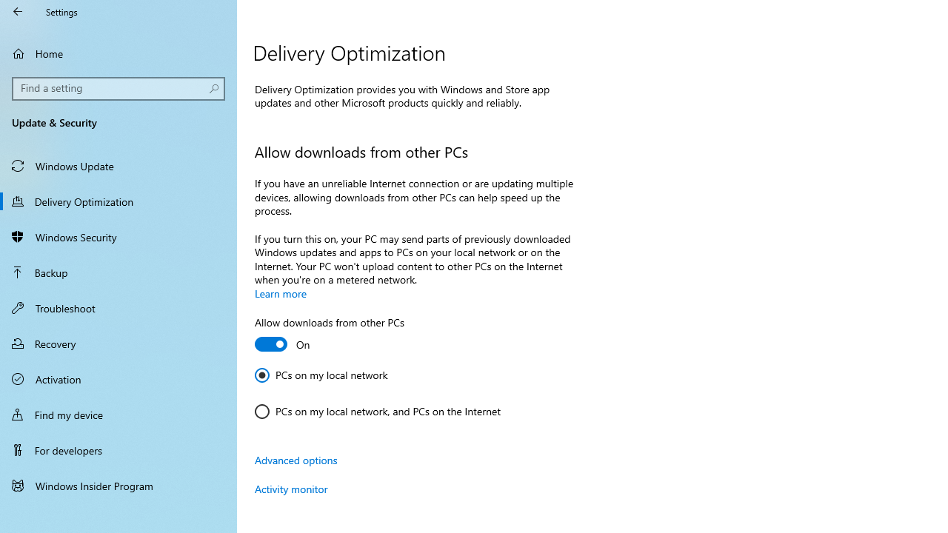 This screenshot has width=948, height=533. I want to click on 'Delivery Optimization', so click(118, 201).